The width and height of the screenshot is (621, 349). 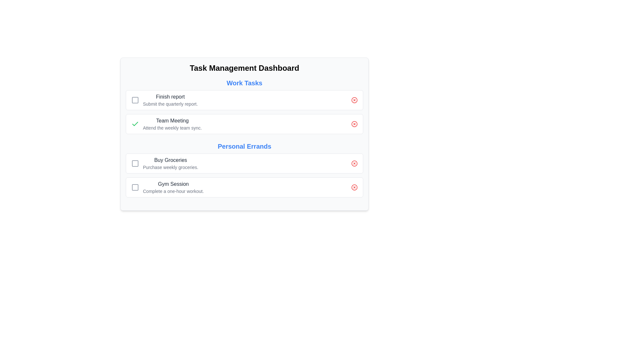 I want to click on the delete icon button for the last task entry in the 'Personal Errands' section, so click(x=354, y=187).